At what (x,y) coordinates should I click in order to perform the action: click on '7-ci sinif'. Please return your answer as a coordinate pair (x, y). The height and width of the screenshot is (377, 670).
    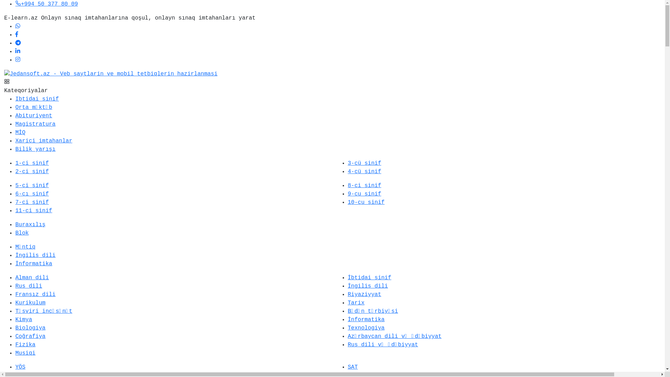
    Looking at the image, I should click on (31, 202).